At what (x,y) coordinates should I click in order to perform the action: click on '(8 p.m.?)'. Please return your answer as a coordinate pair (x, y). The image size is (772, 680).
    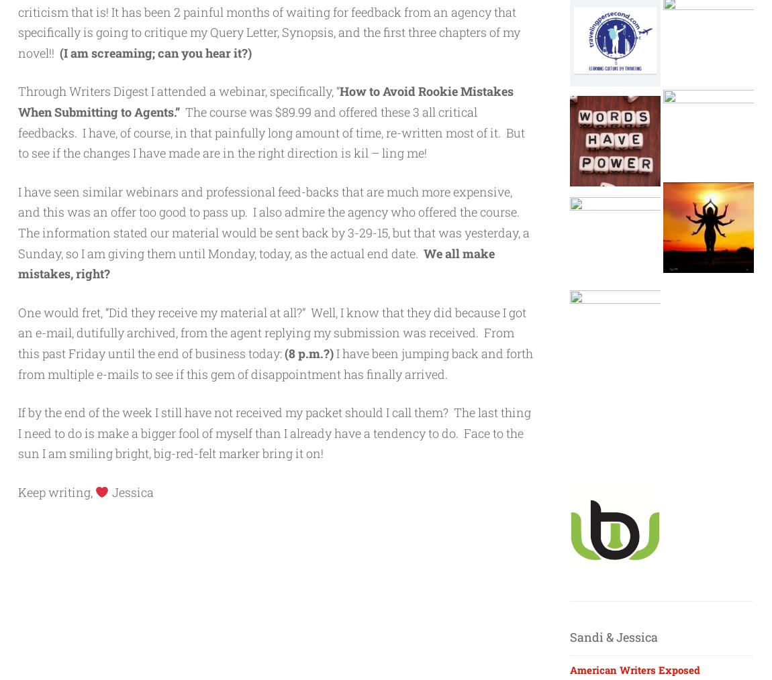
    Looking at the image, I should click on (309, 352).